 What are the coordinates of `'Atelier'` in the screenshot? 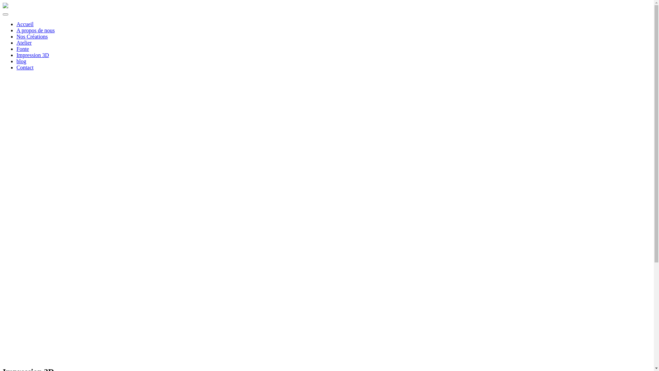 It's located at (24, 43).